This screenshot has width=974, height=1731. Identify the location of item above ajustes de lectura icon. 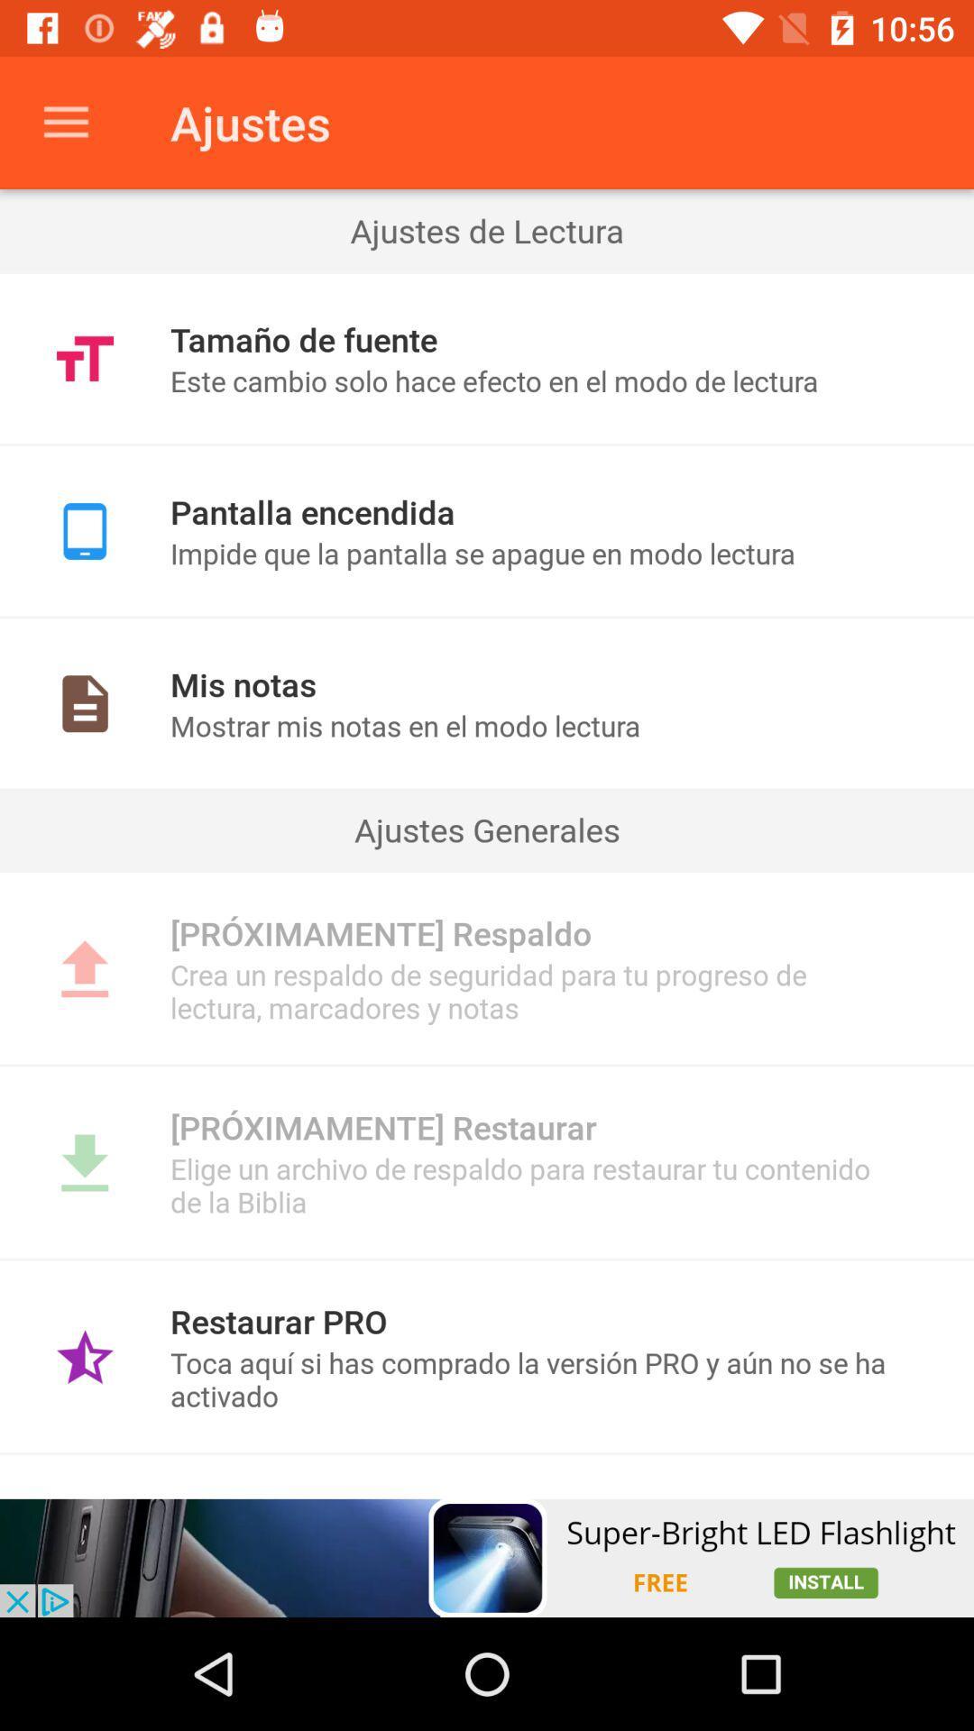
(65, 122).